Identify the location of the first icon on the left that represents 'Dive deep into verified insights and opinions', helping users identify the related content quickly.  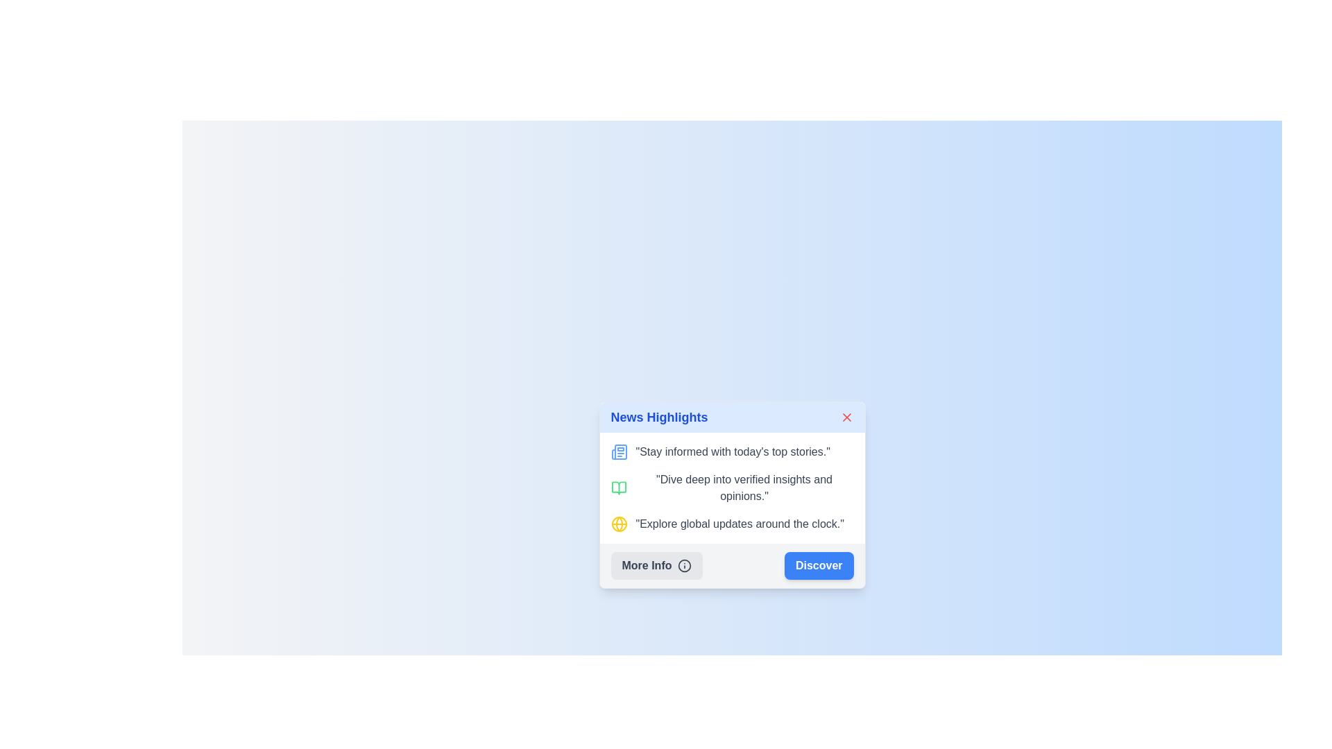
(618, 488).